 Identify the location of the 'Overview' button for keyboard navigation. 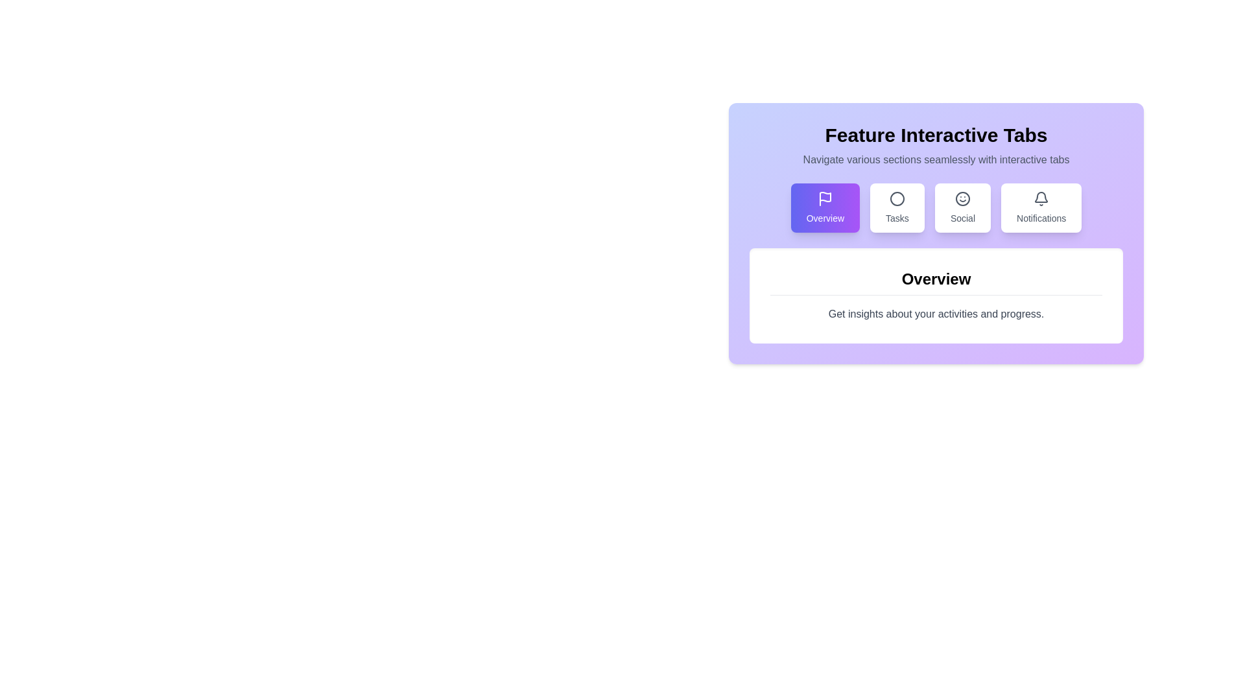
(824, 207).